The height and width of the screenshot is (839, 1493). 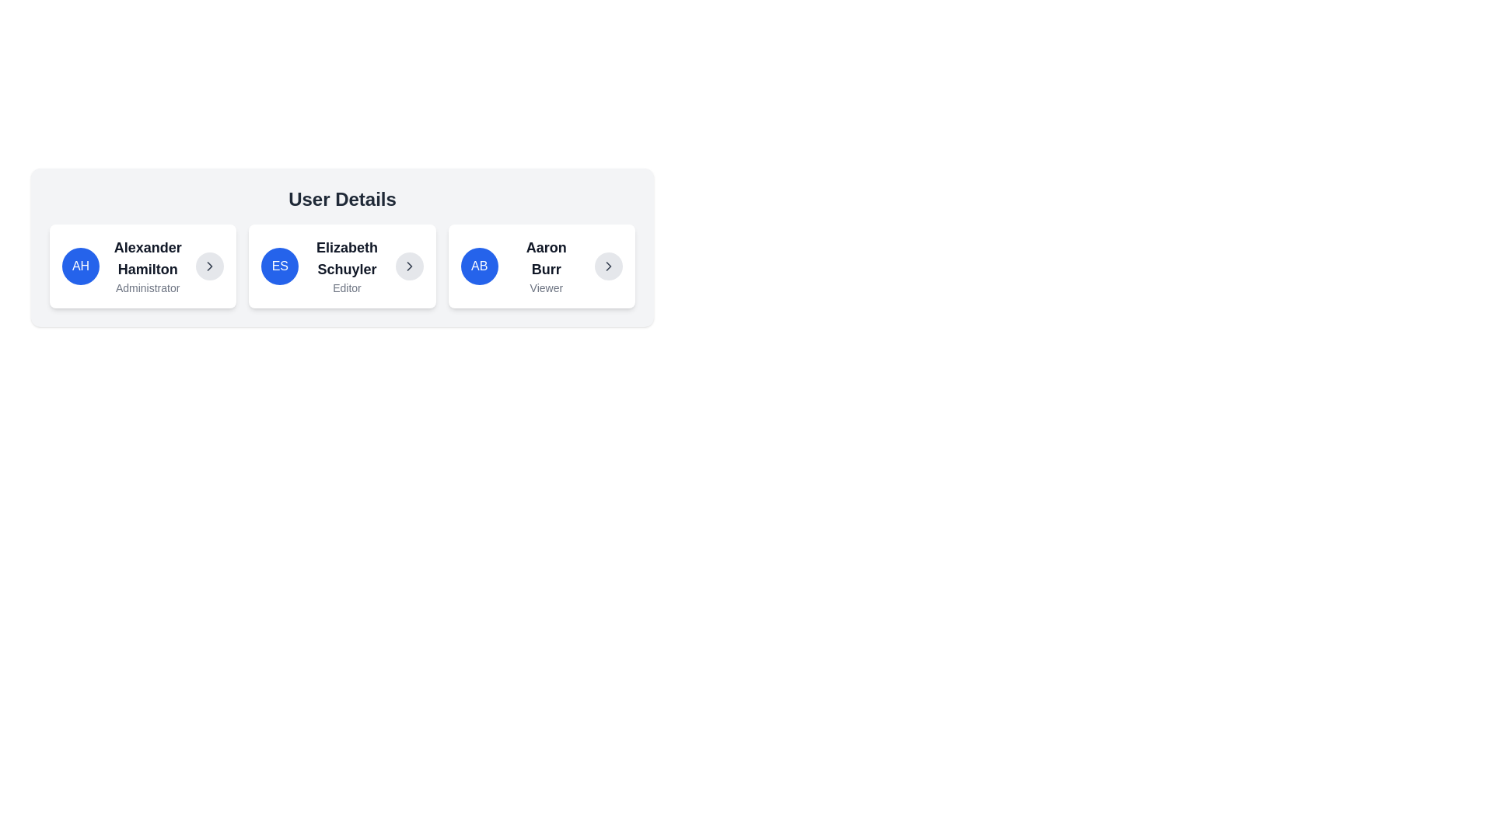 I want to click on the arrow icon inside the circular button to the right of the user details for 'Elizabeth Schuyler', so click(x=409, y=266).